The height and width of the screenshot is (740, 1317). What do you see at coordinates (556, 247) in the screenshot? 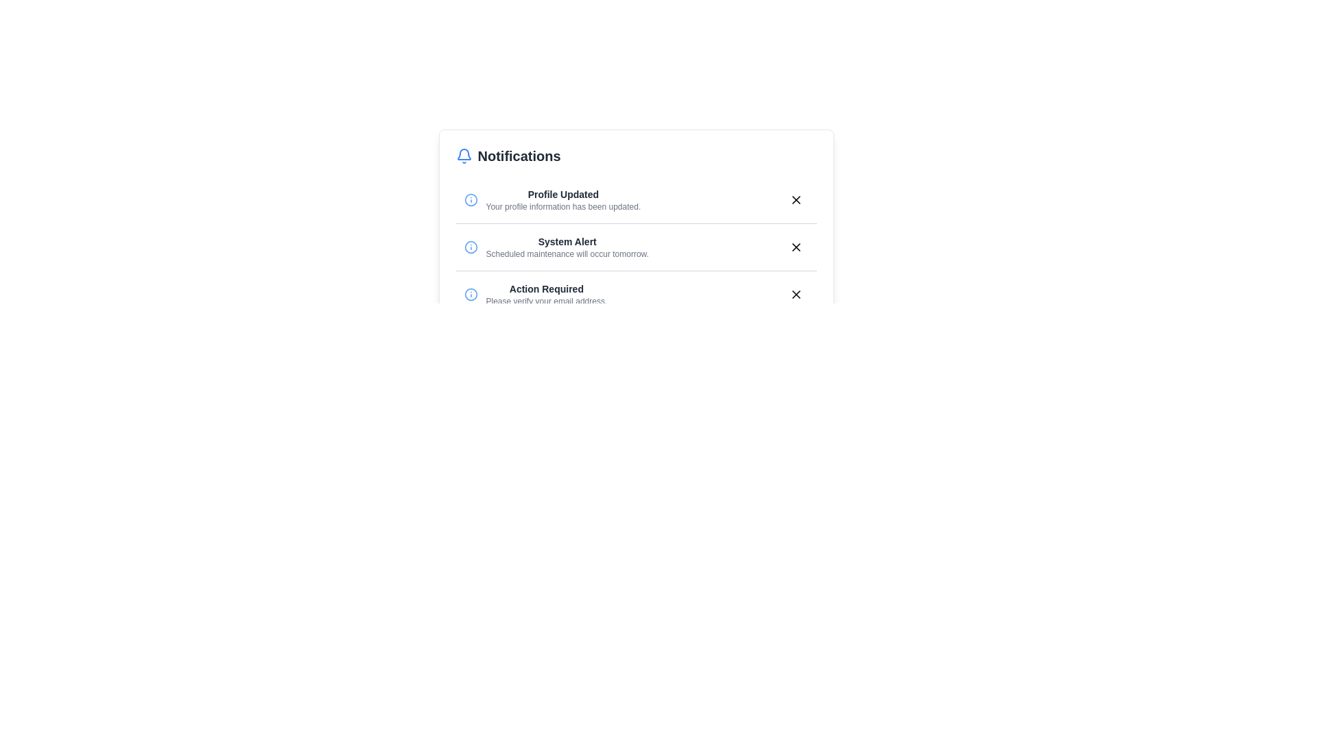
I see `notification text from the second notification block in the vertical stack of the notification panel, situated between 'Profile Updated' and 'Action Required'` at bounding box center [556, 247].